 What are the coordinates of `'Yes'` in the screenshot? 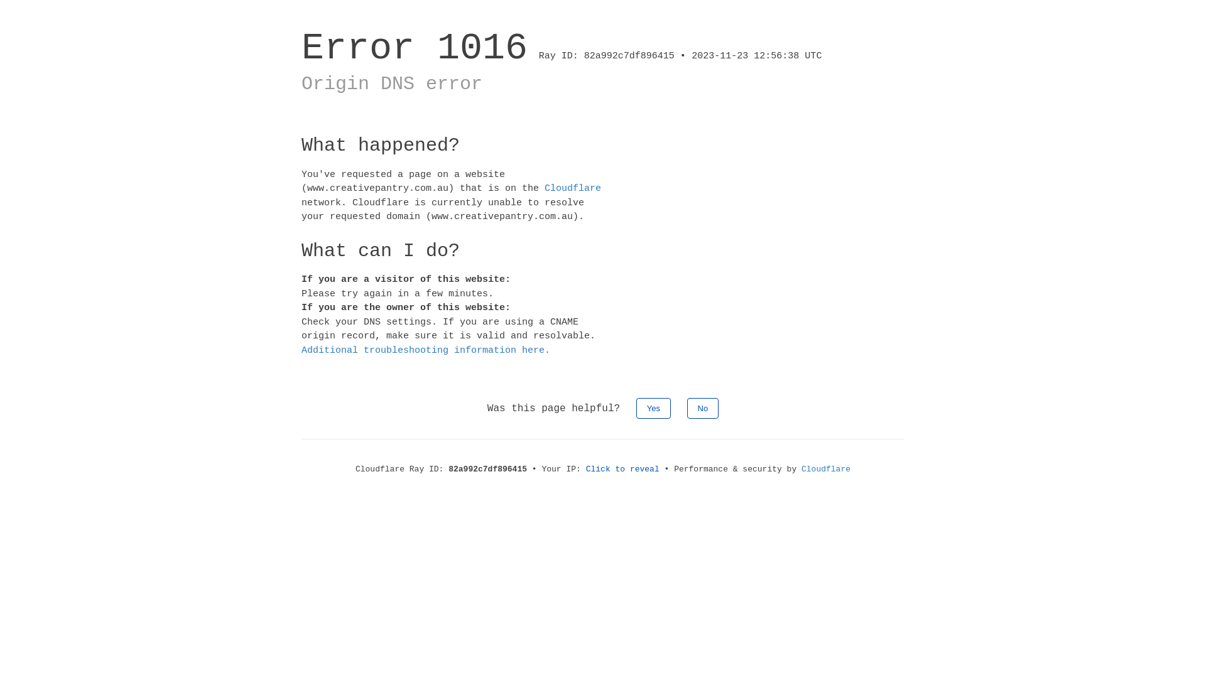 It's located at (636, 408).